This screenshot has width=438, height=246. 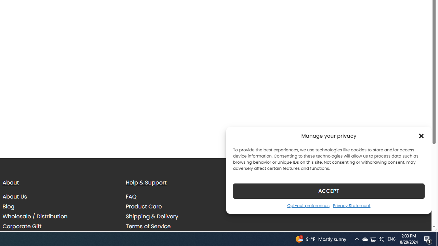 I want to click on 'Opt-out preferences', so click(x=308, y=205).